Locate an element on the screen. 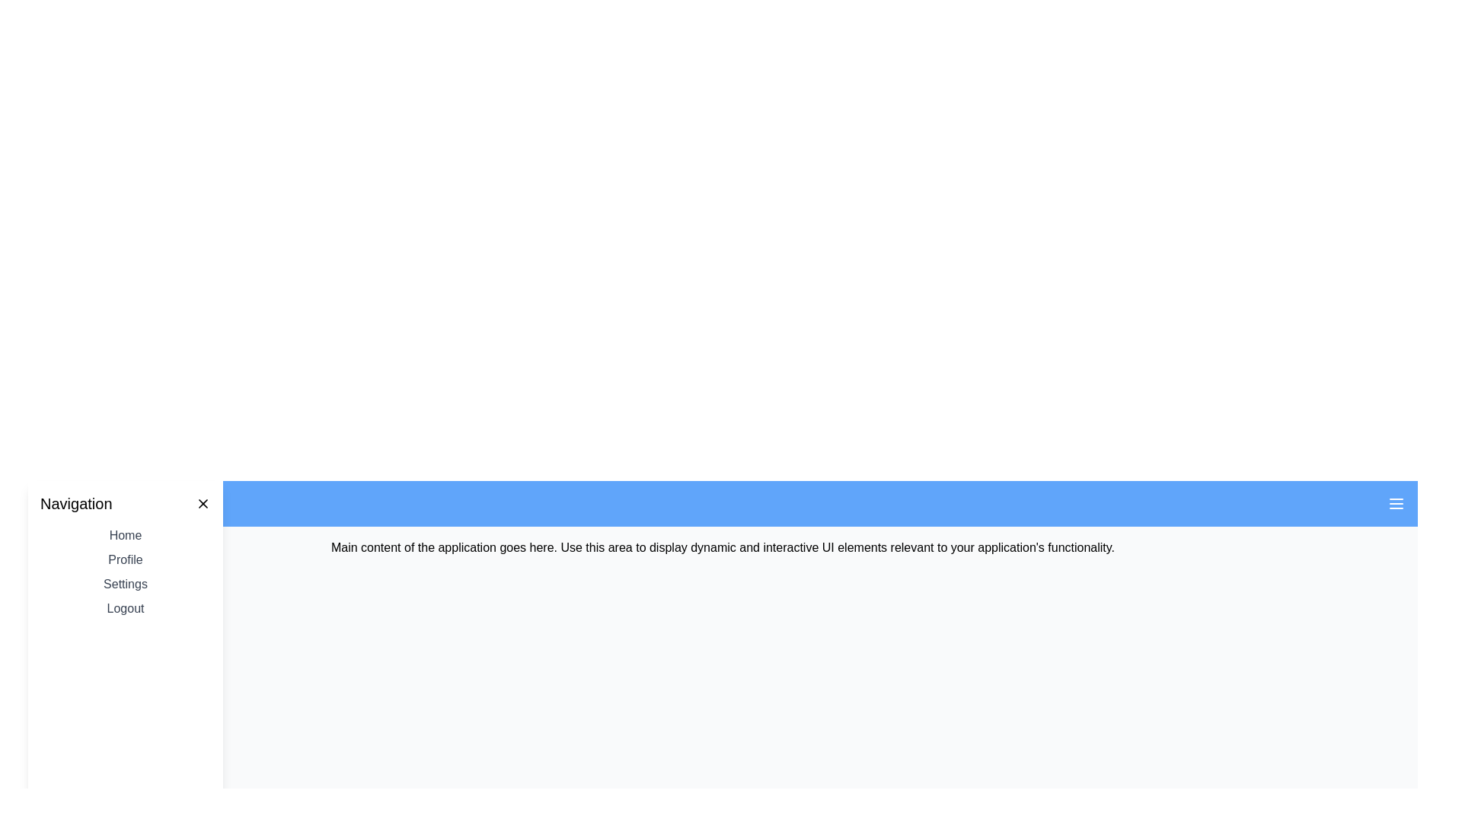 Image resolution: width=1462 pixels, height=822 pixels. the Toggle button (menu) located at the far right of the header section is located at coordinates (1396, 504).